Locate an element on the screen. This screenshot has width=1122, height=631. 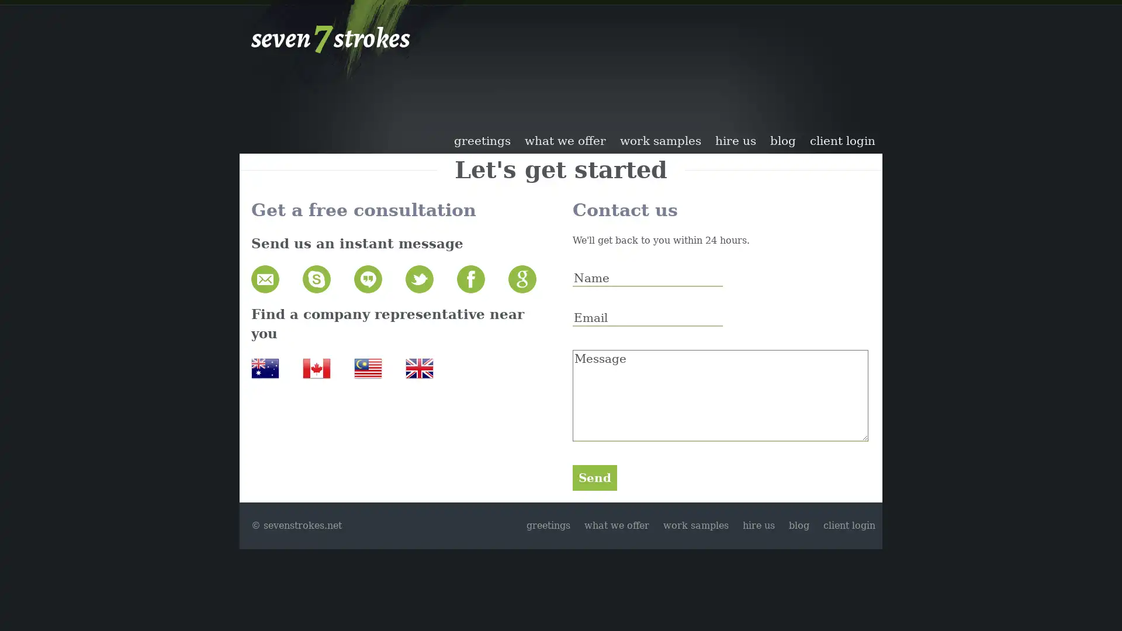
Send is located at coordinates (594, 477).